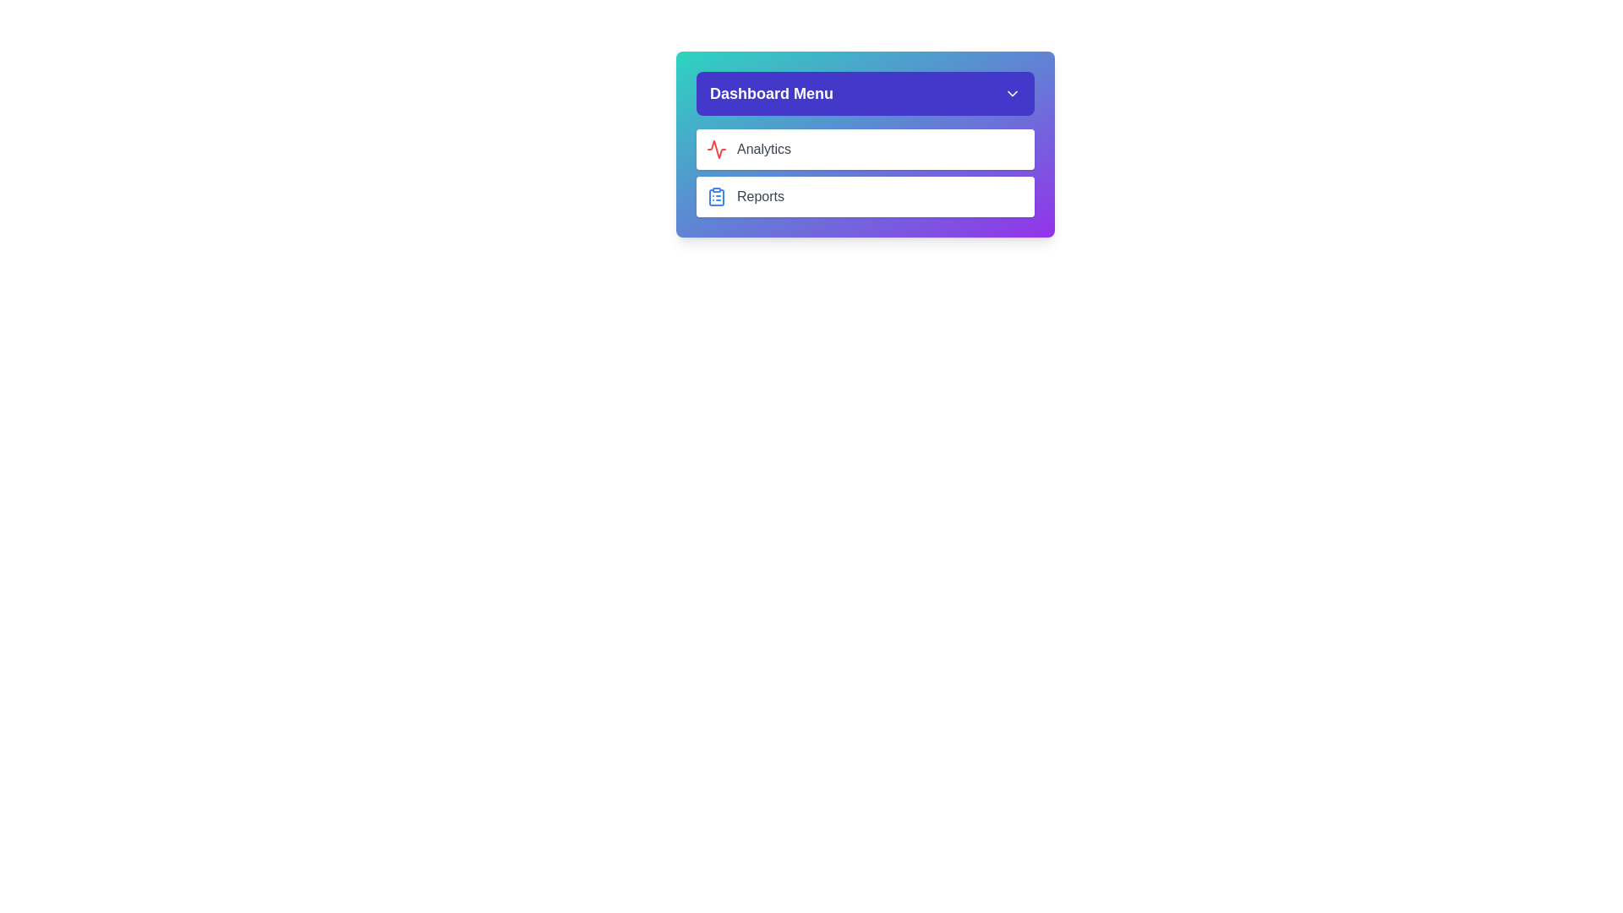 The image size is (1623, 913). I want to click on the 'Analytics' menu item, which is the first option in the 'Dashboard Menu', so click(865, 143).